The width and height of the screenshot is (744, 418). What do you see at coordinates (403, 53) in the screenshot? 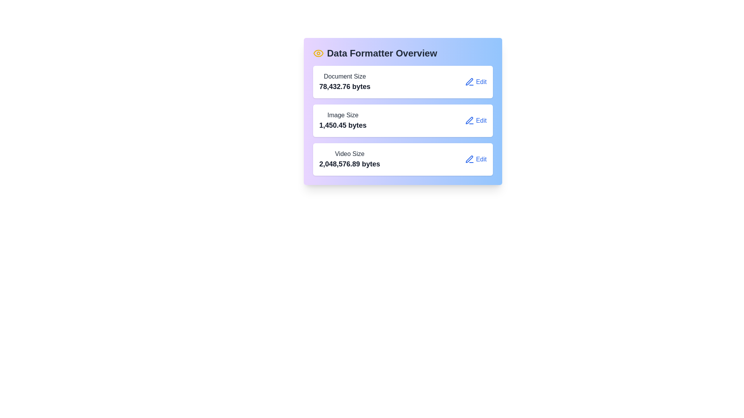
I see `the Heading element at the top of the card section, which indicates the topic of the data displayed beneath it, including an adjacent decorative icon` at bounding box center [403, 53].